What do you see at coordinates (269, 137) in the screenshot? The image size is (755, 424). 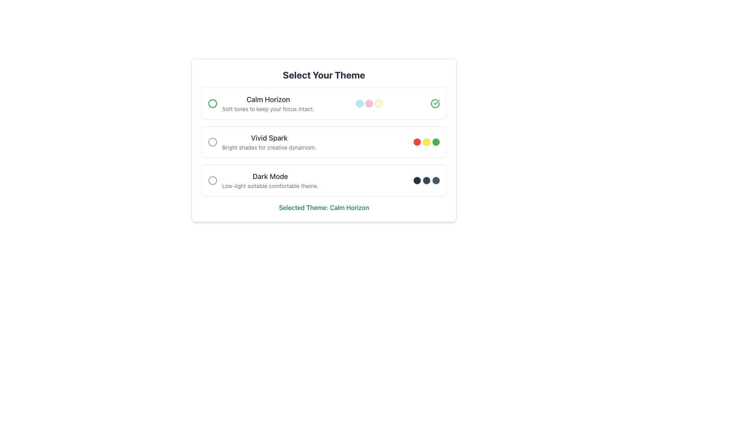 I see `the text label indicating the theme option in the second row of the 'Select Your Theme' section, aligned to the left` at bounding box center [269, 137].